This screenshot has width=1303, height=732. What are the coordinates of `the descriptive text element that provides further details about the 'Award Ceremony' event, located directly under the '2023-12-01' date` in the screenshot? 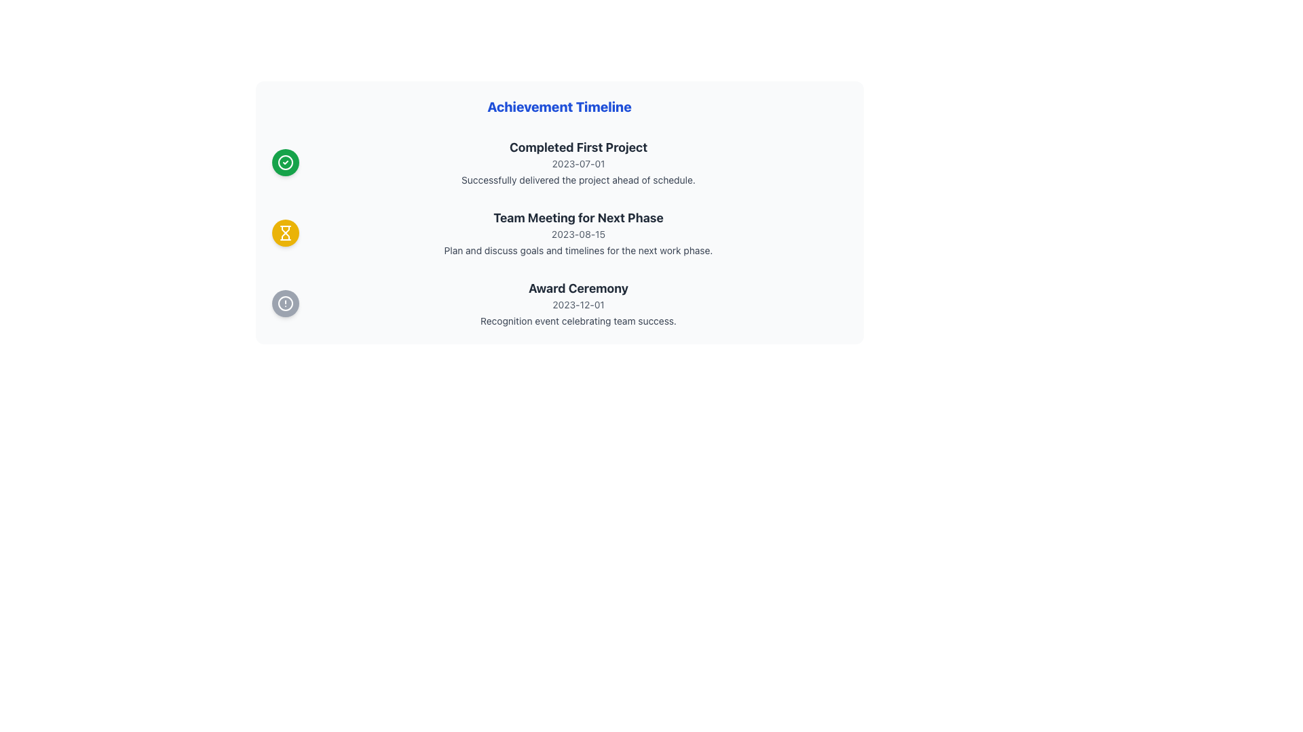 It's located at (578, 321).